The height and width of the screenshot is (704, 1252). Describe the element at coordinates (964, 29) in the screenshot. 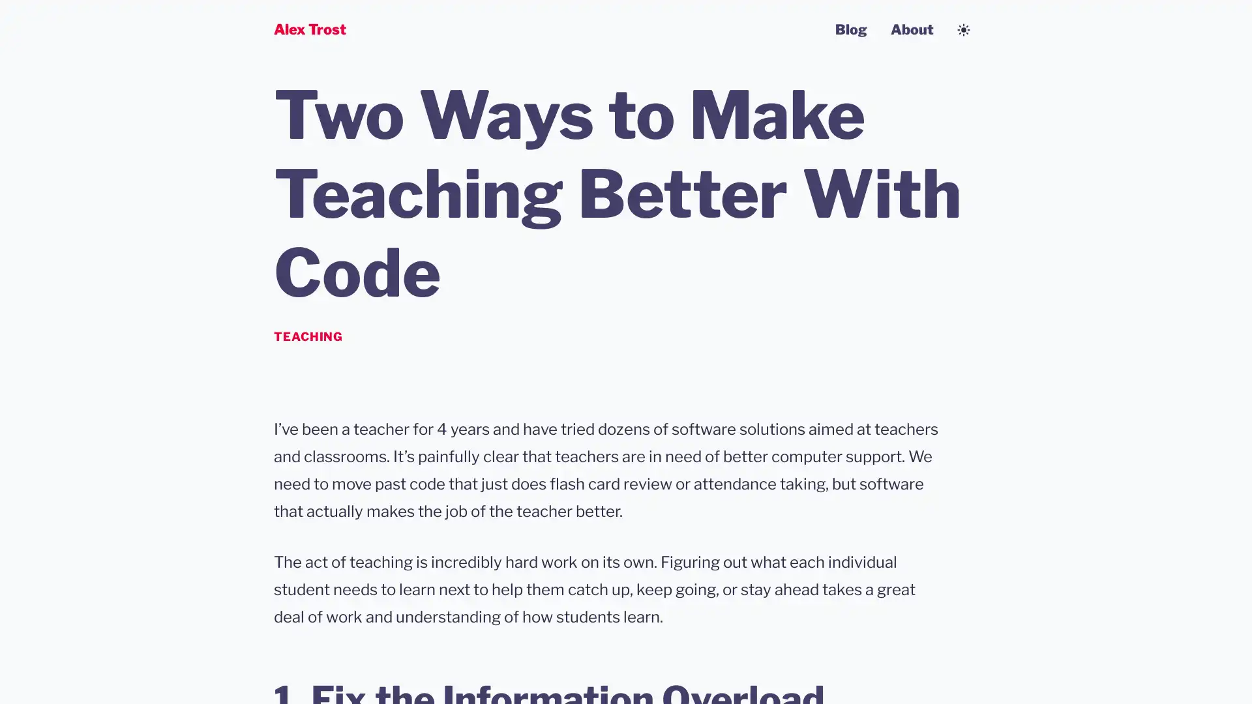

I see `Change to dark mode` at that location.